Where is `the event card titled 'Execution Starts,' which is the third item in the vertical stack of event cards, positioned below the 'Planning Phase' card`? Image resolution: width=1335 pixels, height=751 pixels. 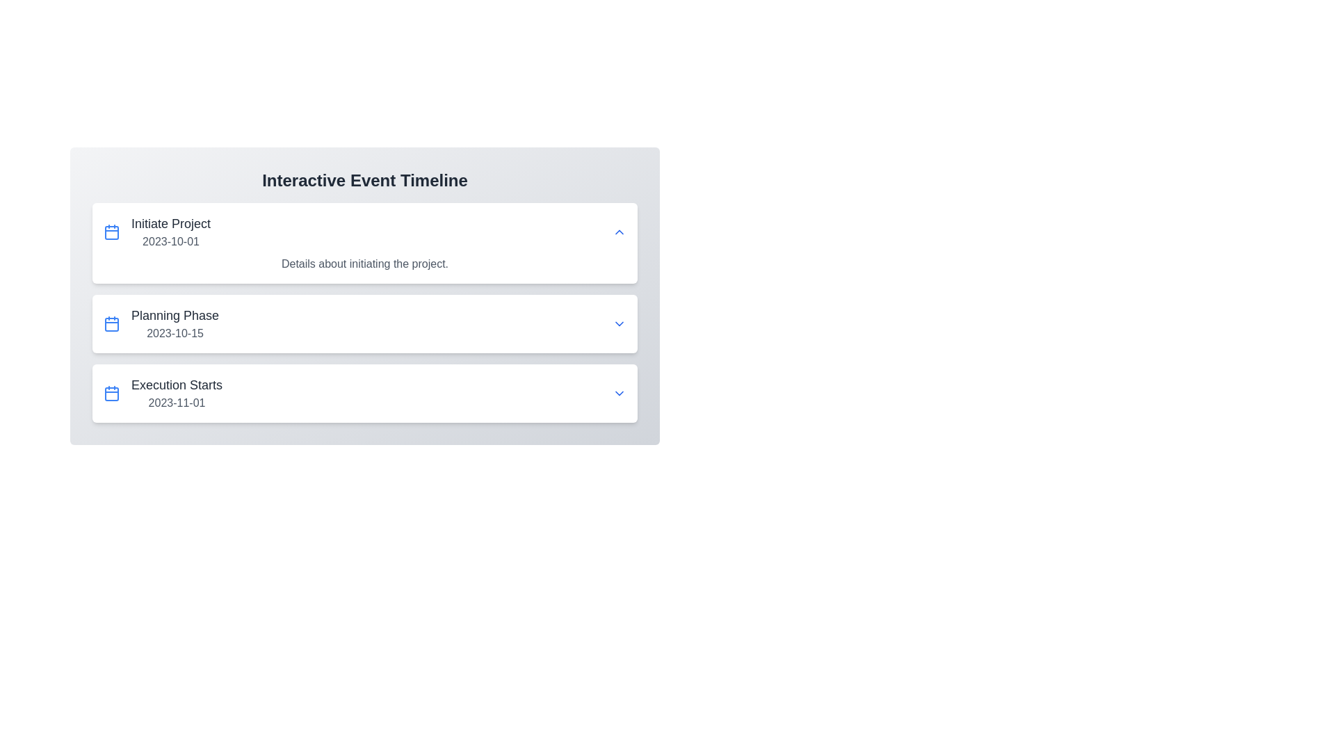 the event card titled 'Execution Starts,' which is the third item in the vertical stack of event cards, positioned below the 'Planning Phase' card is located at coordinates (364, 394).